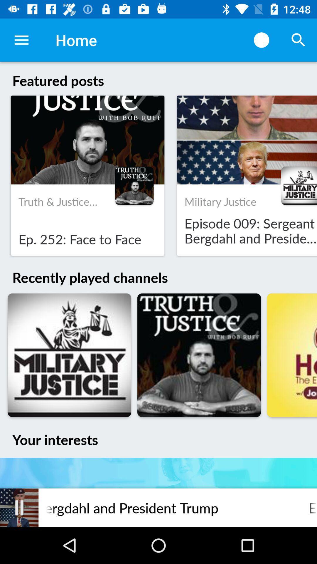 The image size is (317, 564). Describe the element at coordinates (21, 40) in the screenshot. I see `item above the featured posts item` at that location.